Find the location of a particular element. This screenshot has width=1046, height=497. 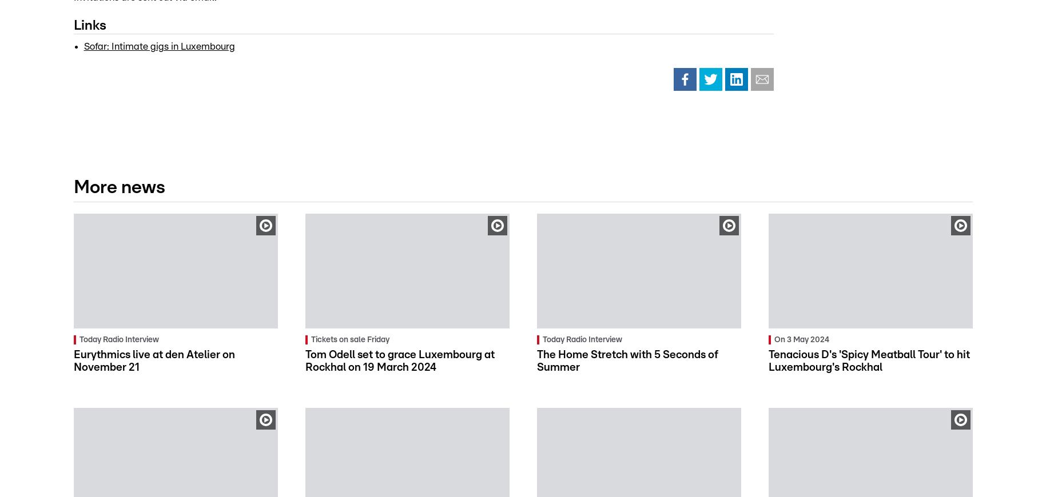

'More news' is located at coordinates (73, 187).